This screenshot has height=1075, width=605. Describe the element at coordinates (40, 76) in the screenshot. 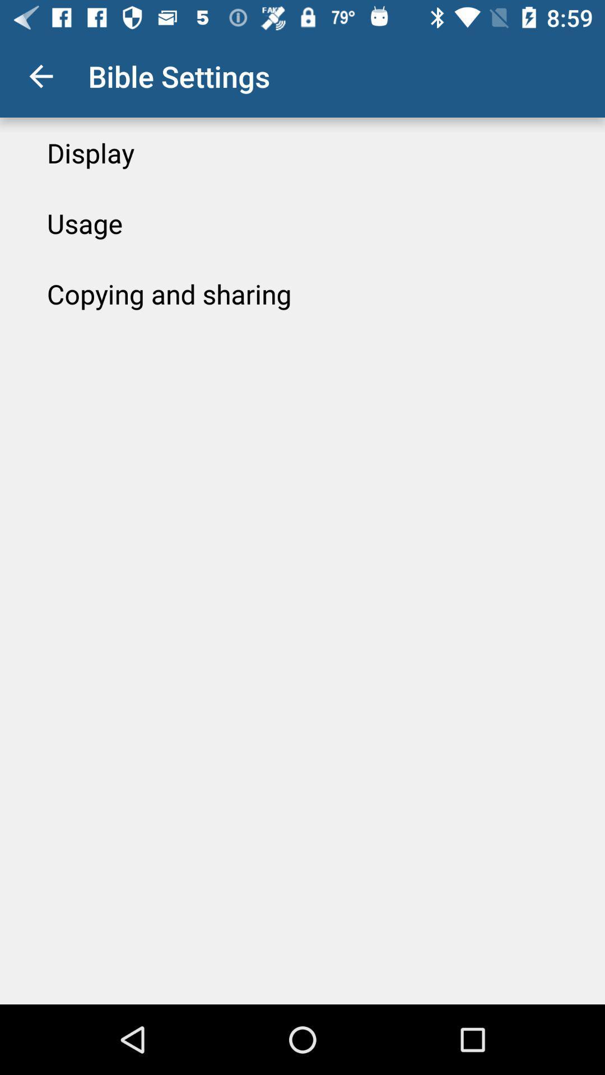

I see `the icon to the left of bible settings` at that location.